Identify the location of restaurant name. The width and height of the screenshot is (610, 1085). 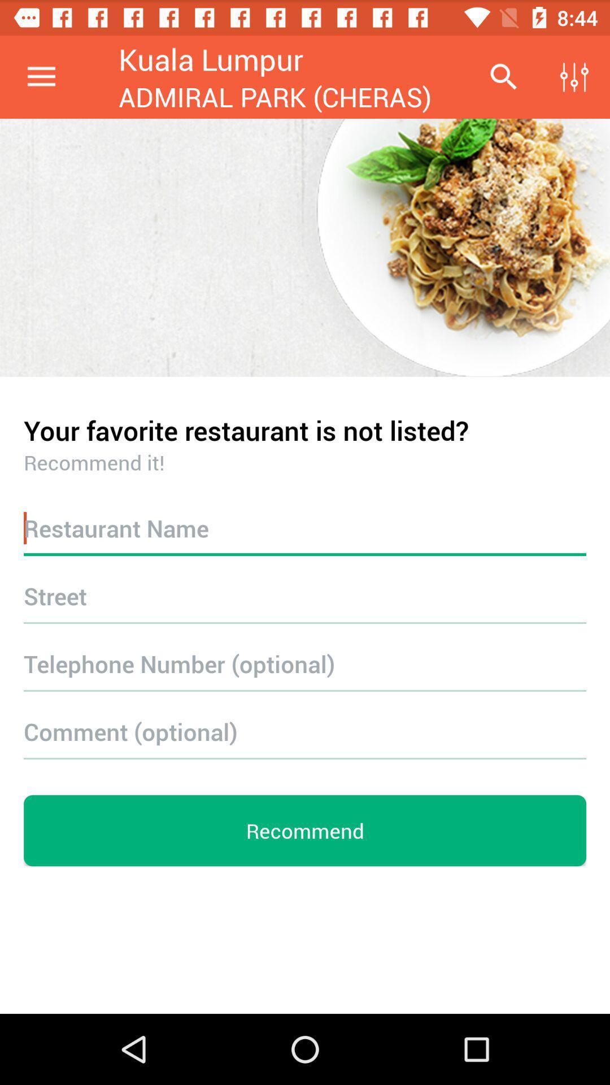
(305, 527).